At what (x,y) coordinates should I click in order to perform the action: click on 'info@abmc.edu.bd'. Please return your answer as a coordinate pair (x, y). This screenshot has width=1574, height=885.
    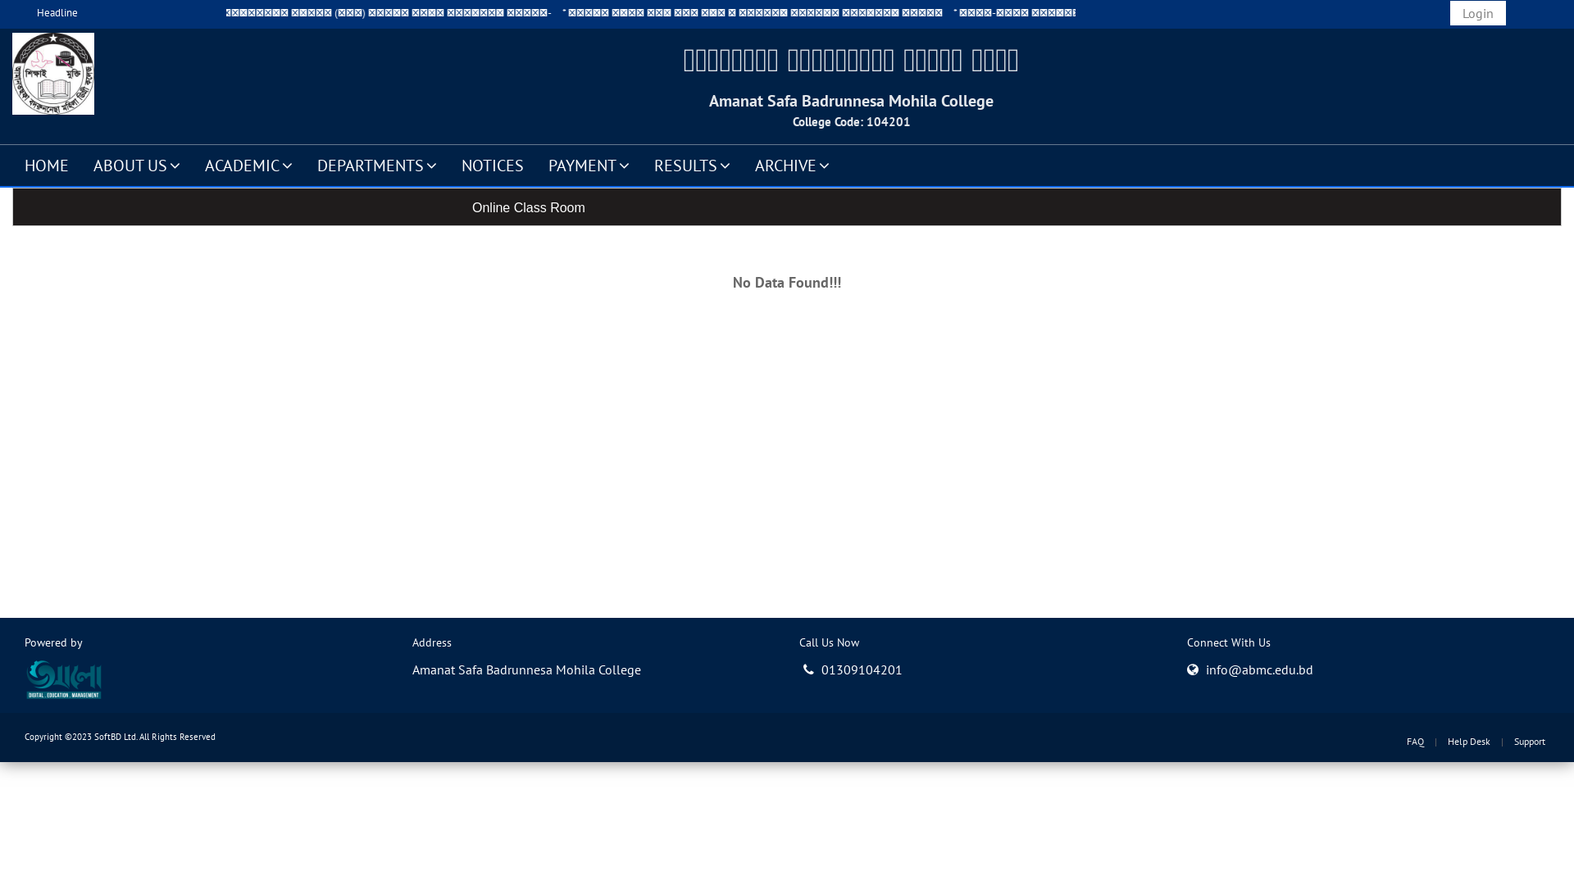
    Looking at the image, I should click on (1204, 669).